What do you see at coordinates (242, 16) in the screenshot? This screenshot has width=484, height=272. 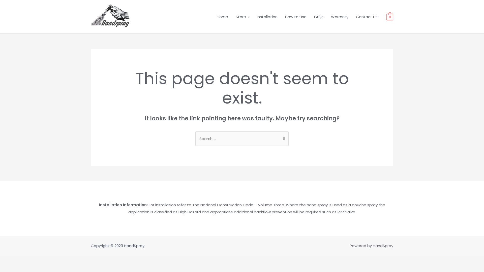 I see `'Store'` at bounding box center [242, 16].